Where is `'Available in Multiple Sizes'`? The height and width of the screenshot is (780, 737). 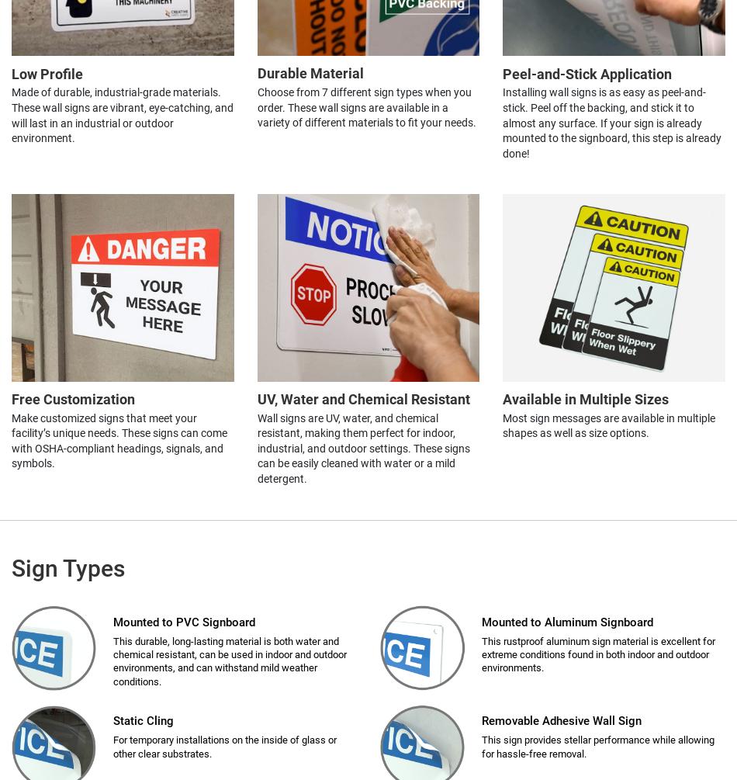 'Available in Multiple Sizes' is located at coordinates (502, 398).